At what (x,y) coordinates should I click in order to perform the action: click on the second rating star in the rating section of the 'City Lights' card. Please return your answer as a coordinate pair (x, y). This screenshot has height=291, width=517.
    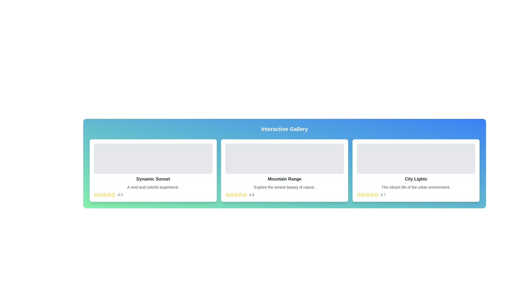
    Looking at the image, I should click on (367, 195).